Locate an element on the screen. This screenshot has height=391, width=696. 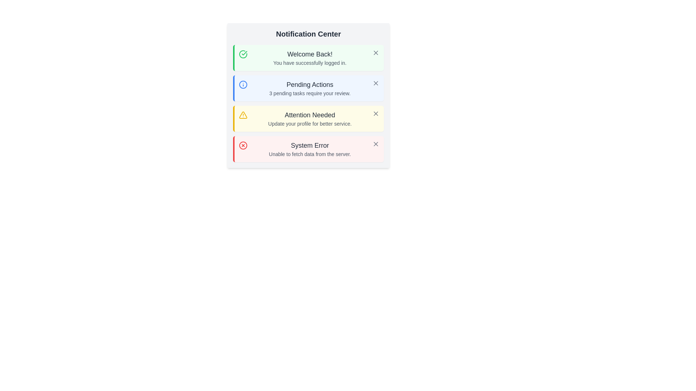
text from the Alert box that informs the user about the necessity to update their profile for improved service is located at coordinates (308, 118).